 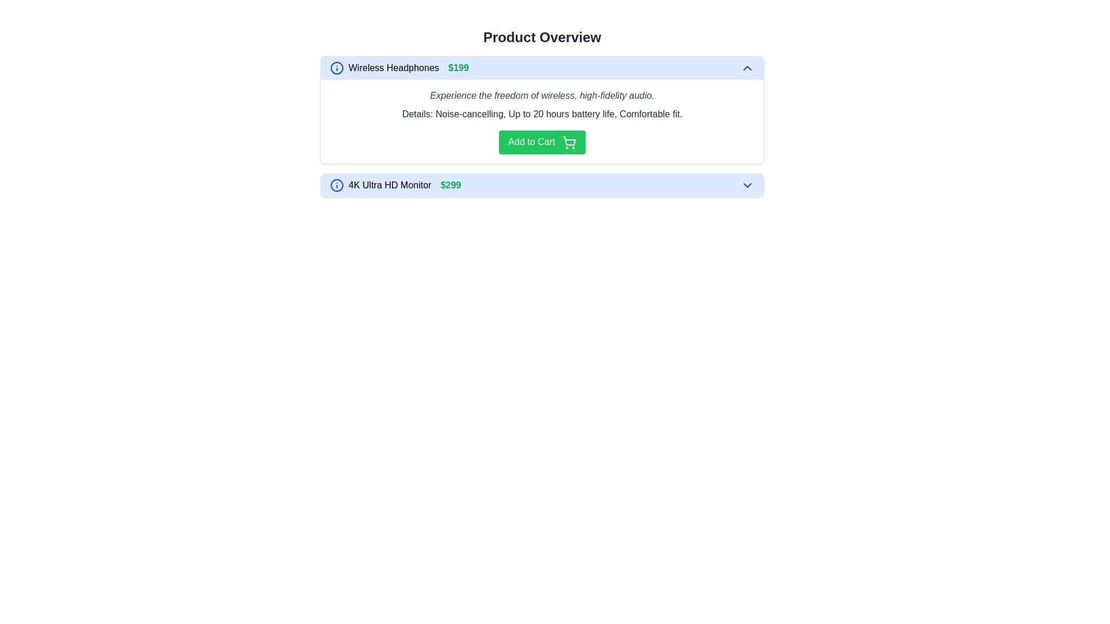 What do you see at coordinates (336, 184) in the screenshot?
I see `the information icon located at the left side of the row containing the text '4K Ultra HD Monitor', which is the first element in the second item under 'Product Overview'` at bounding box center [336, 184].